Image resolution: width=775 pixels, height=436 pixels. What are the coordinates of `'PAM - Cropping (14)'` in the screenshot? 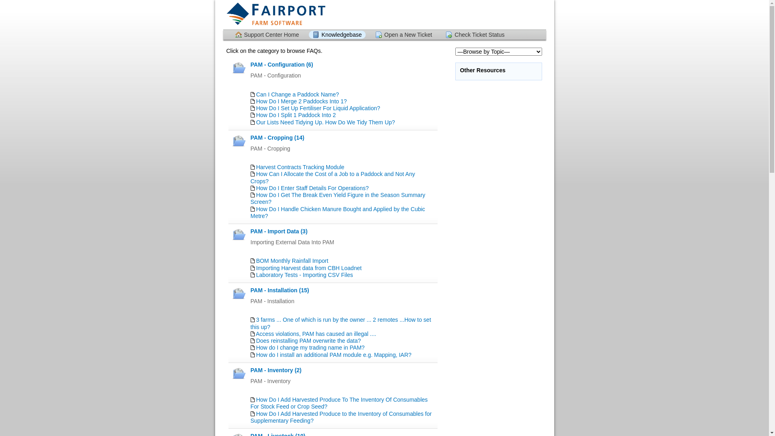 It's located at (249, 137).